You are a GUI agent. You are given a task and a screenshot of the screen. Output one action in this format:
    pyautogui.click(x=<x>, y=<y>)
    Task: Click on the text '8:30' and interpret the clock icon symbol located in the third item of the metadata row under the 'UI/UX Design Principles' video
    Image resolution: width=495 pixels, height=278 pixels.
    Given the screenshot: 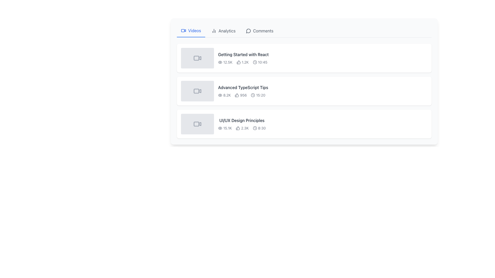 What is the action you would take?
    pyautogui.click(x=259, y=128)
    